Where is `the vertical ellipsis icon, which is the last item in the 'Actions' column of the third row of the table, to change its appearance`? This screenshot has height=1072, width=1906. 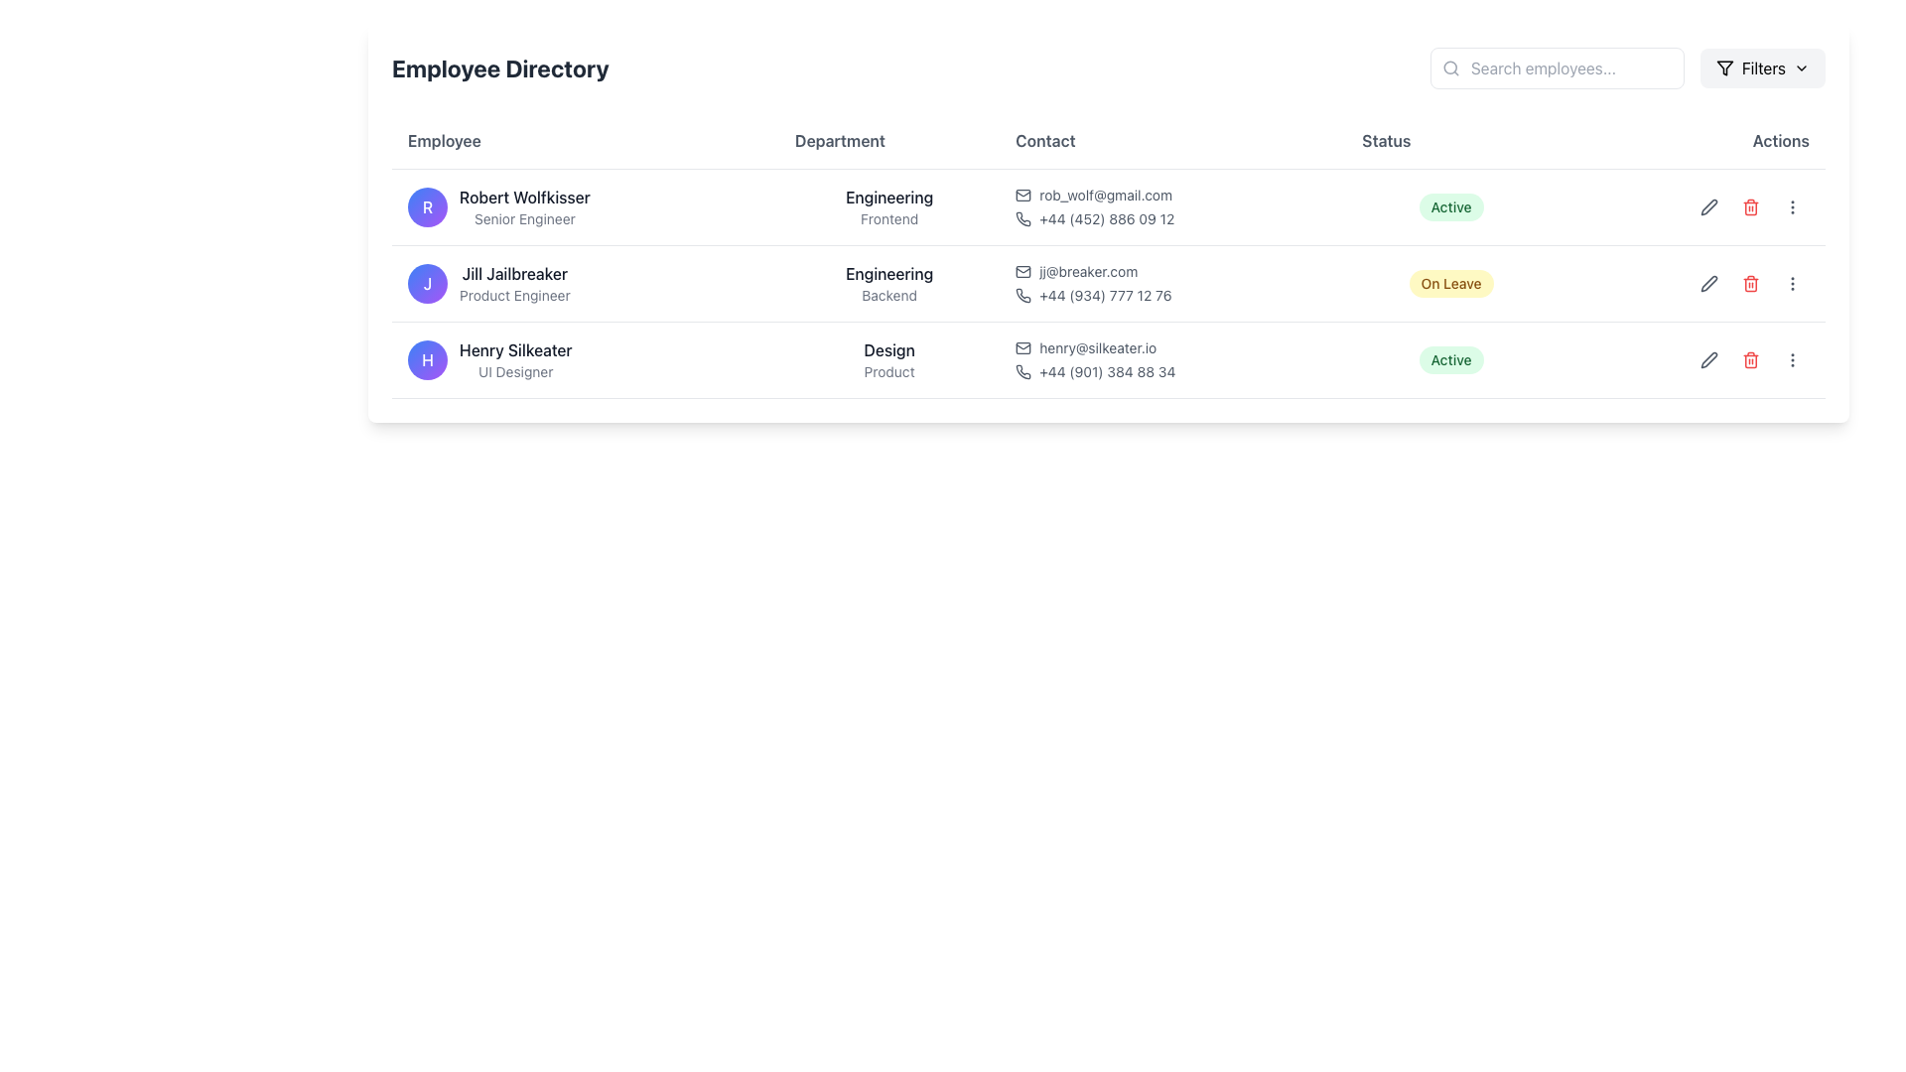
the vertical ellipsis icon, which is the last item in the 'Actions' column of the third row of the table, to change its appearance is located at coordinates (1792, 359).